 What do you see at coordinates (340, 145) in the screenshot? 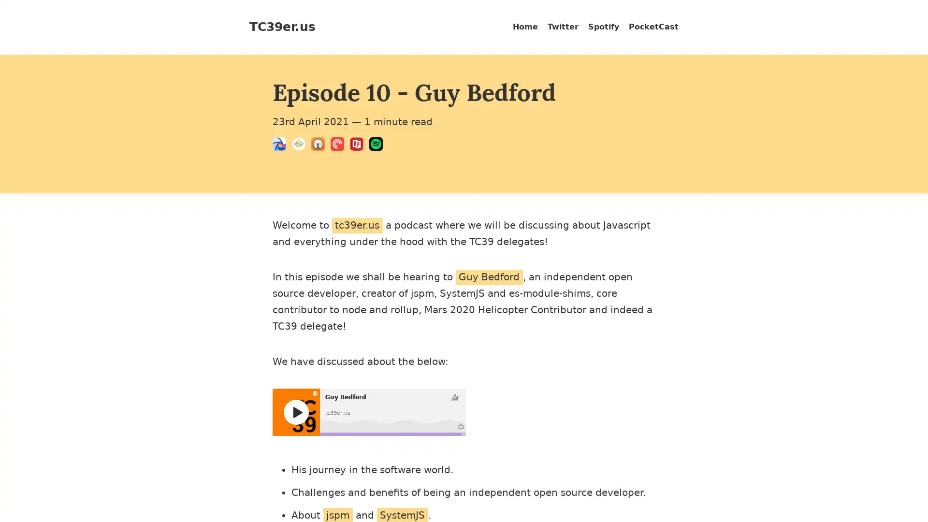
I see `Pocket Casts Logo` at bounding box center [340, 145].